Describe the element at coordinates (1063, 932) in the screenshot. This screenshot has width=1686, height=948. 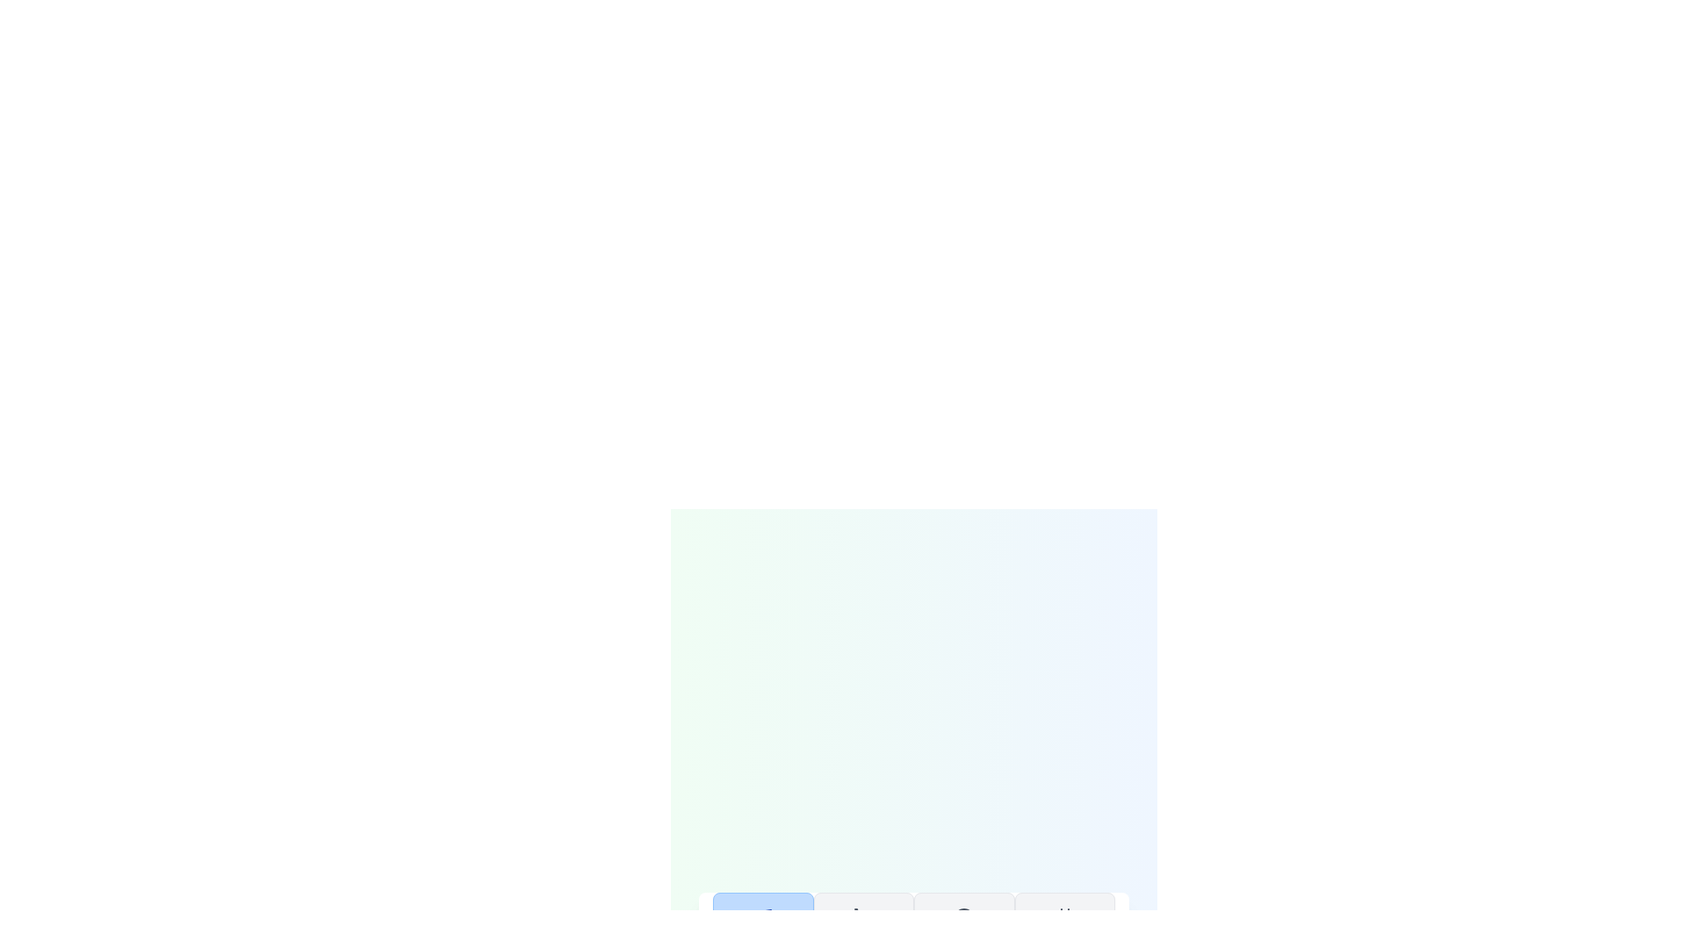
I see `the tab labeled Events` at that location.